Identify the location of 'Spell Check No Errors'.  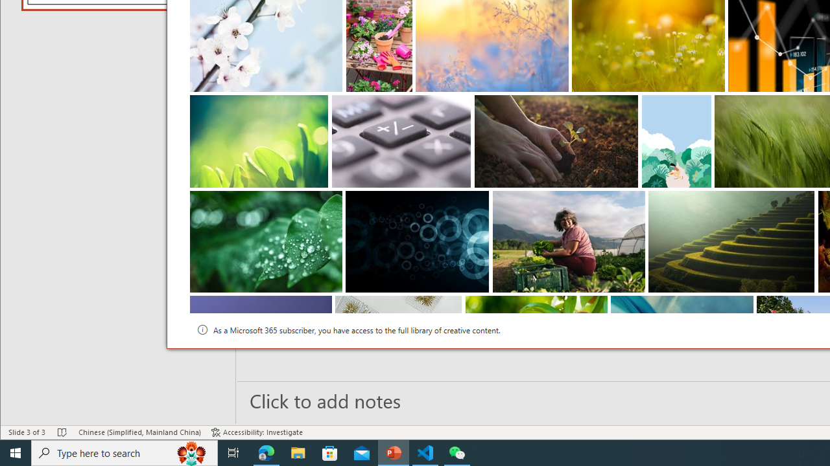
(62, 432).